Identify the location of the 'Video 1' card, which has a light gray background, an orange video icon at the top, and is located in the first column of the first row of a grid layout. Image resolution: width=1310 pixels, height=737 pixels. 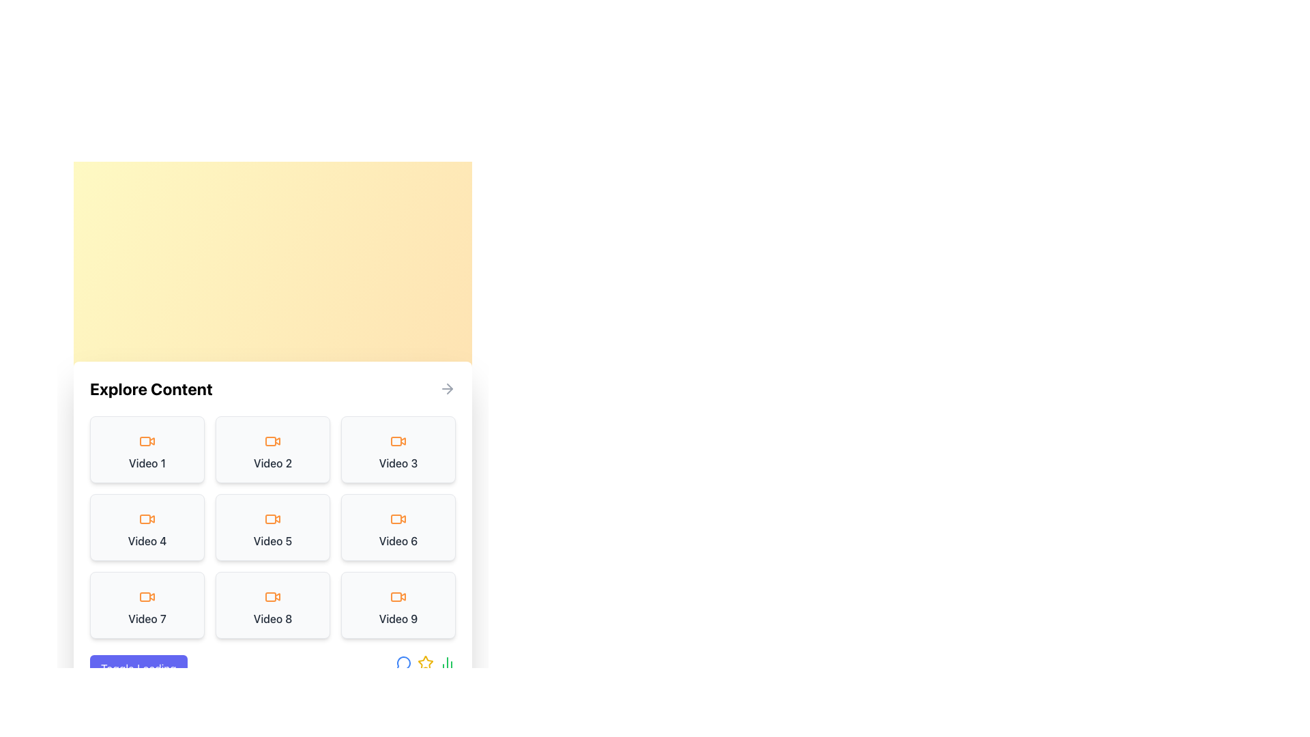
(147, 450).